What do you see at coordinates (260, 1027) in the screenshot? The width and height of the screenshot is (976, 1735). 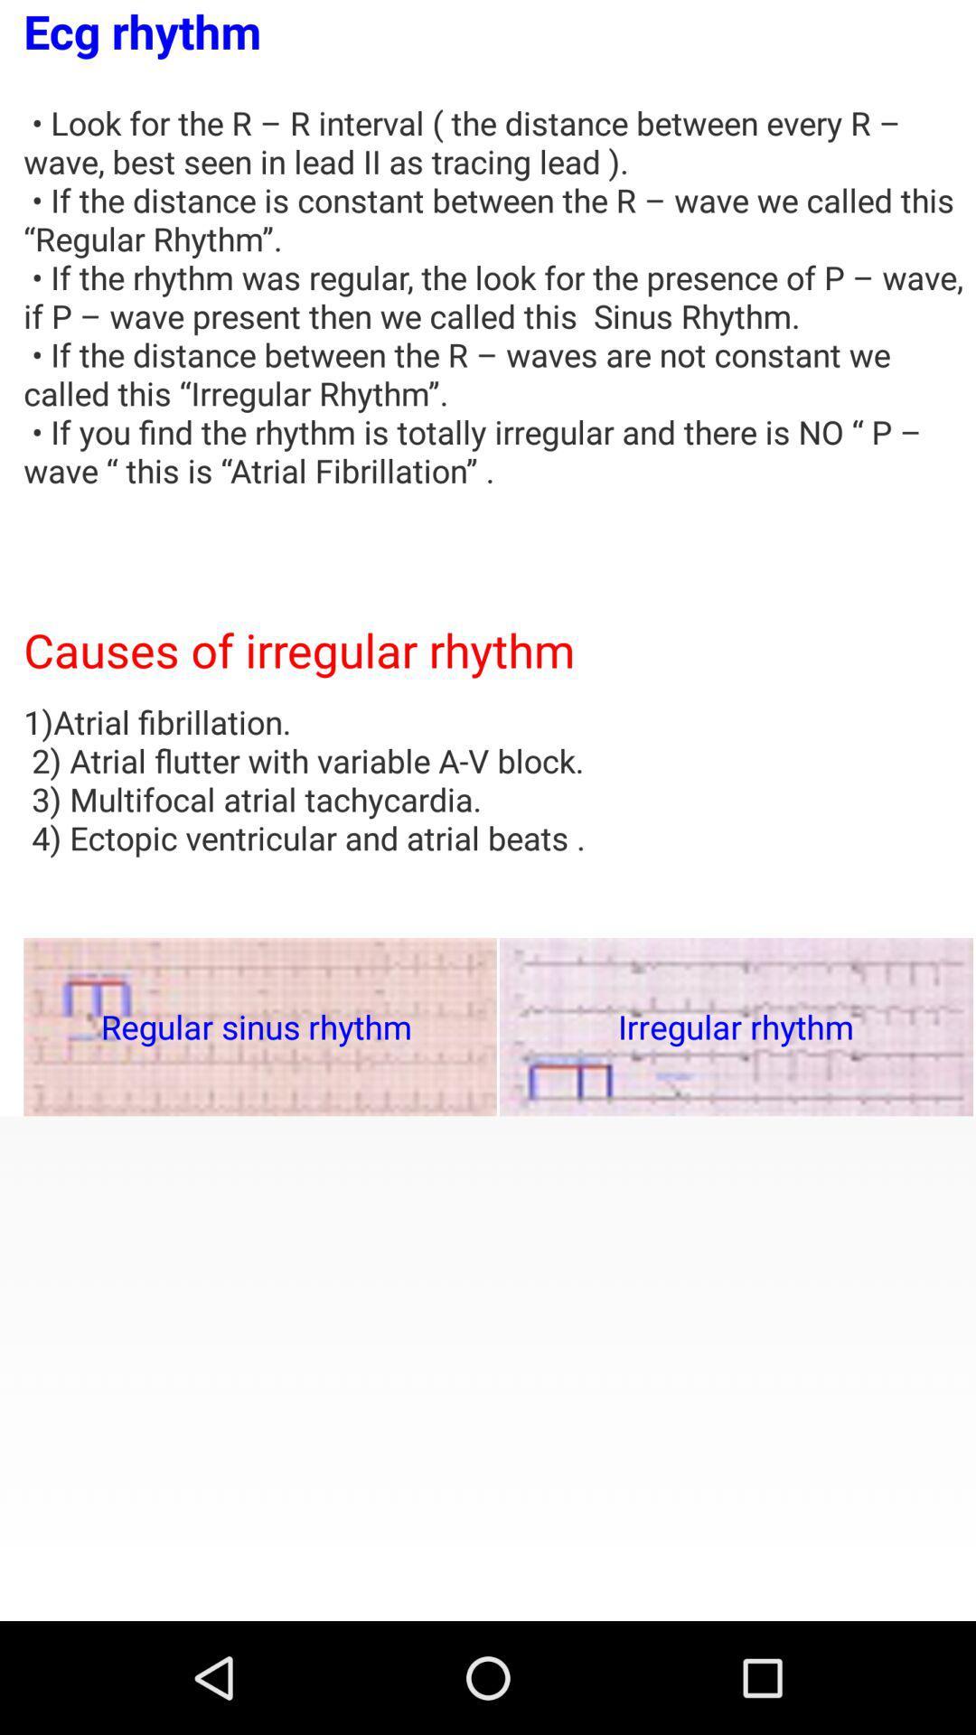 I see `item to the left of the irregular rhythm` at bounding box center [260, 1027].